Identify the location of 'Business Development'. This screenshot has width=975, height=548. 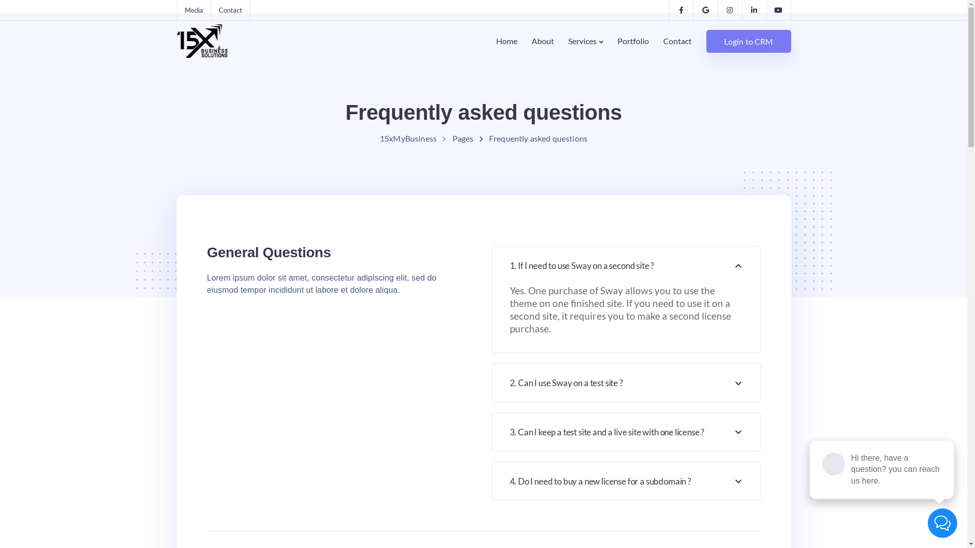
(306, 446).